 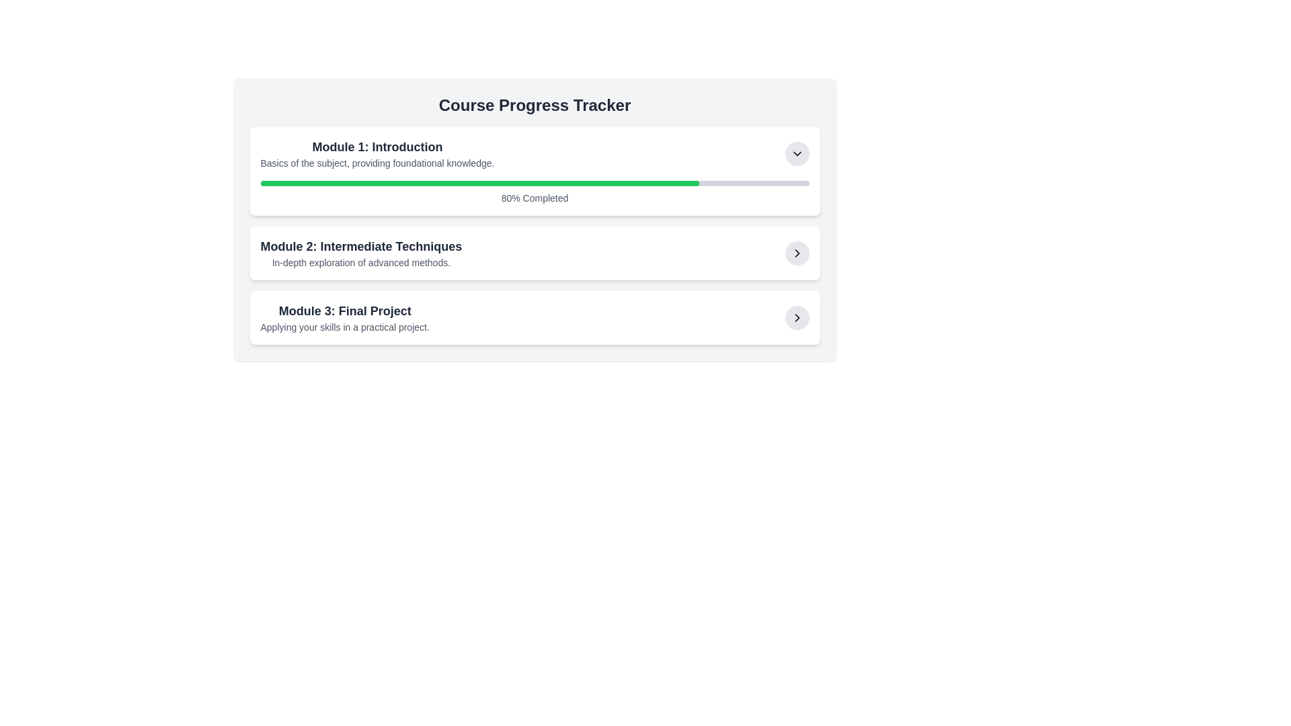 I want to click on the text label reading '80% Completed', which is styled with a small text size and gray color, located below the green progress bar in the 'Module 1: Introduction' section, so click(x=534, y=198).